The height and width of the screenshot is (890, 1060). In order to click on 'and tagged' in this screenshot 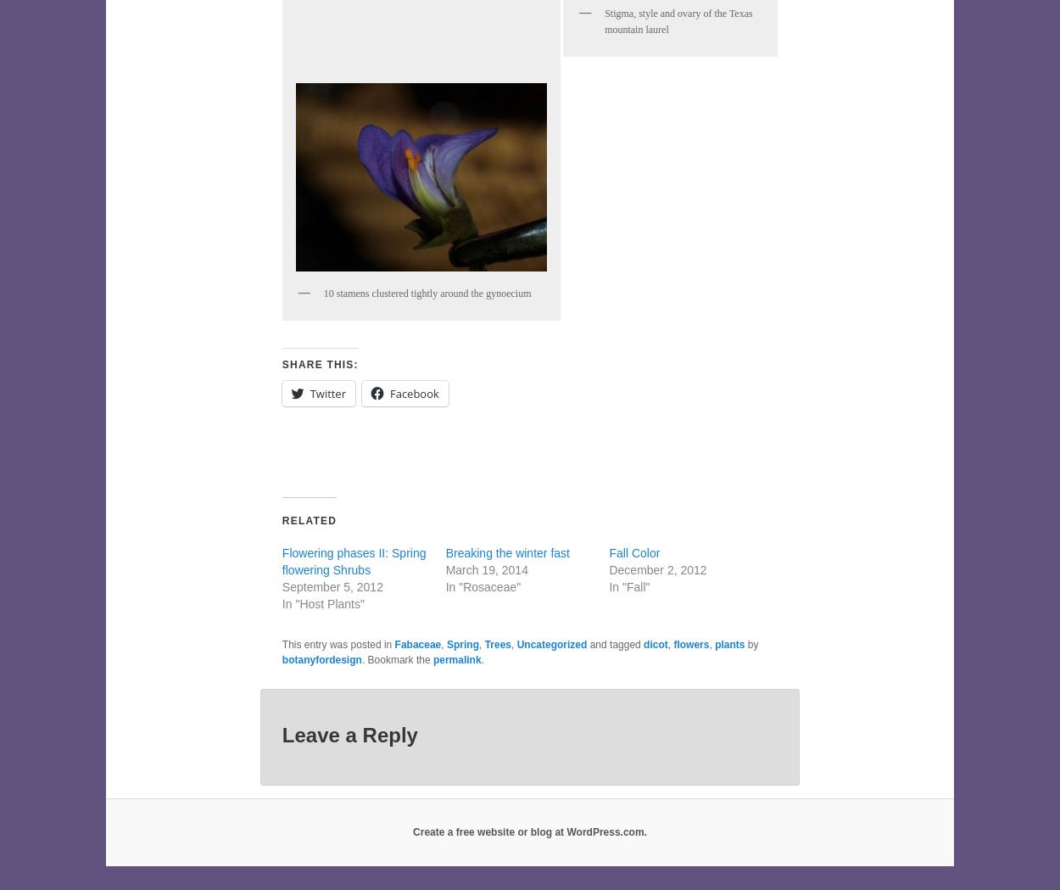, I will do `click(614, 644)`.